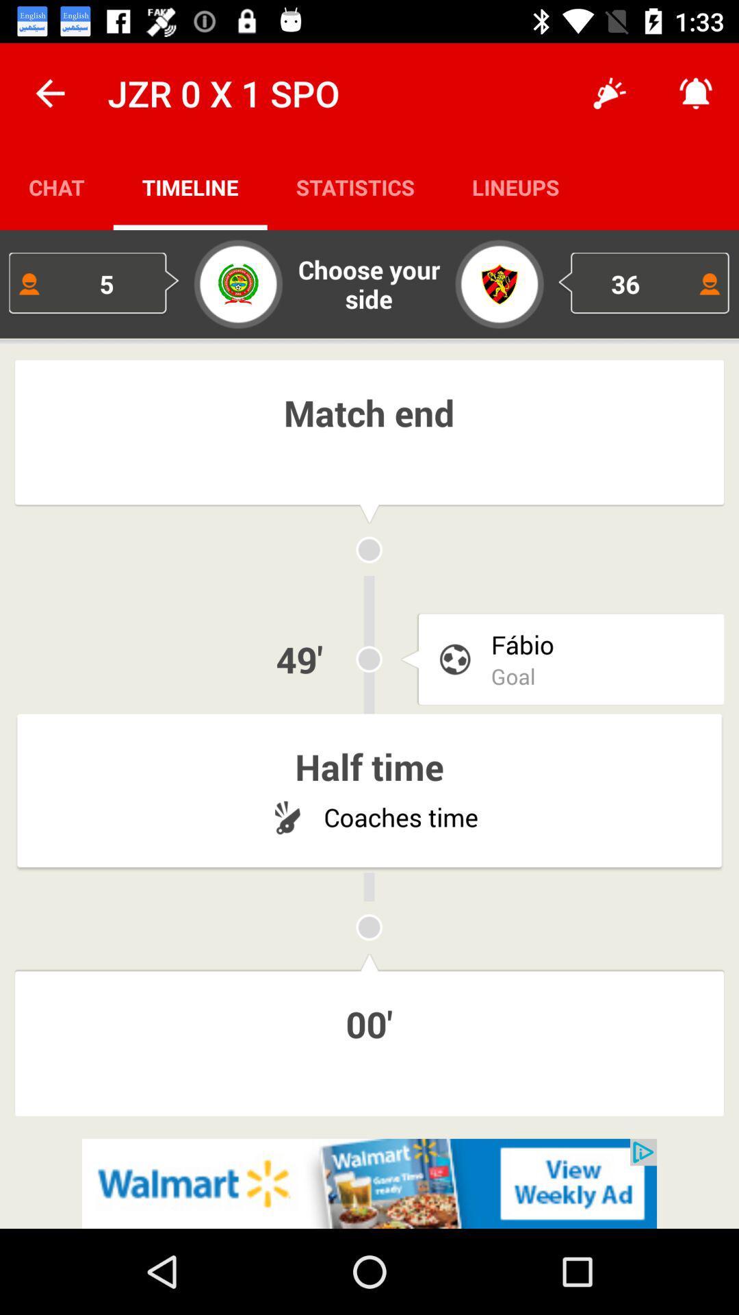 This screenshot has height=1315, width=739. Describe the element at coordinates (237, 284) in the screenshot. I see `the image on the left to the text choose your side on the web page` at that location.